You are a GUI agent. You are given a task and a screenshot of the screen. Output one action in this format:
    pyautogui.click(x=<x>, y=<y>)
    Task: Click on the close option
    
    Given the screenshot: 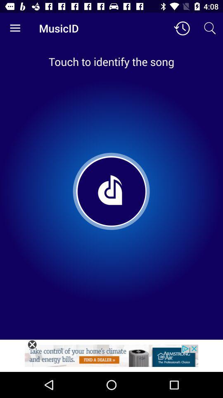 What is the action you would take?
    pyautogui.click(x=32, y=345)
    